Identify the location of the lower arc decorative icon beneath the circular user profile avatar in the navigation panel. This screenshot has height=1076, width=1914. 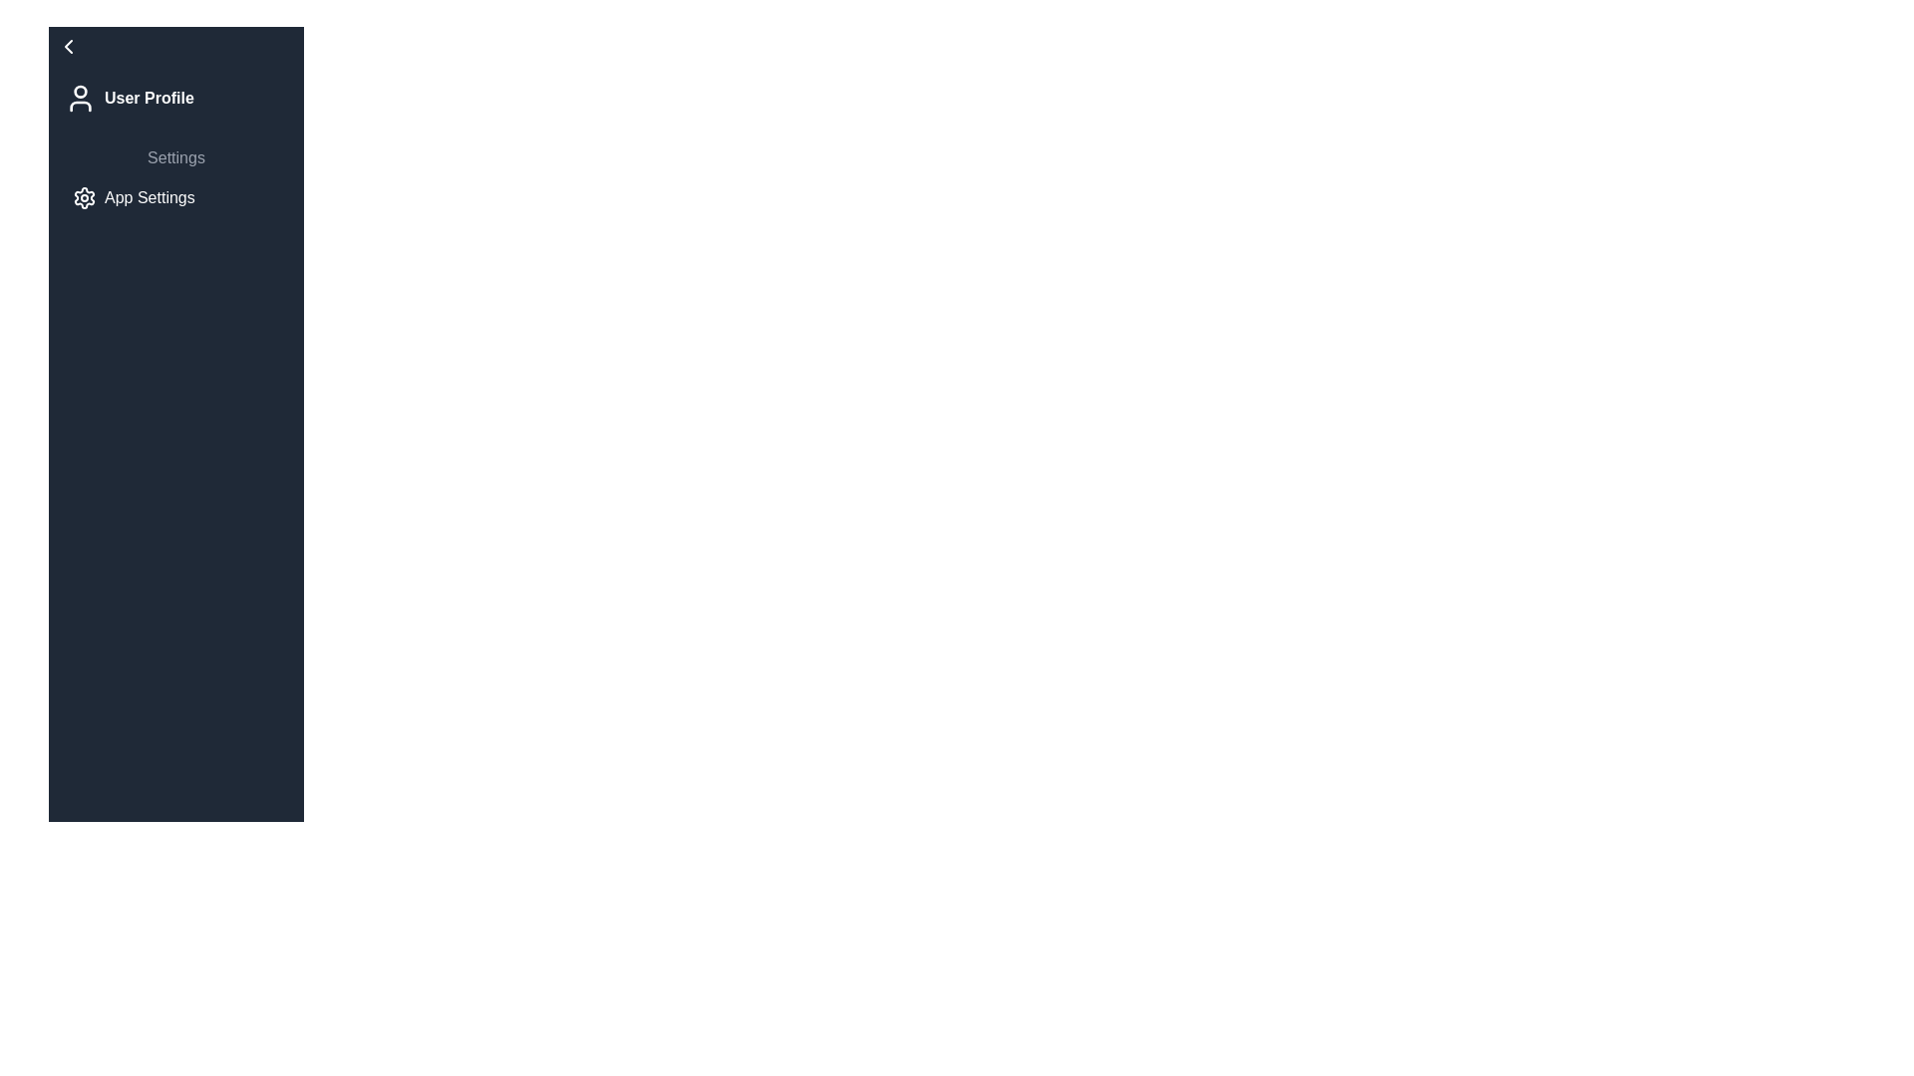
(80, 107).